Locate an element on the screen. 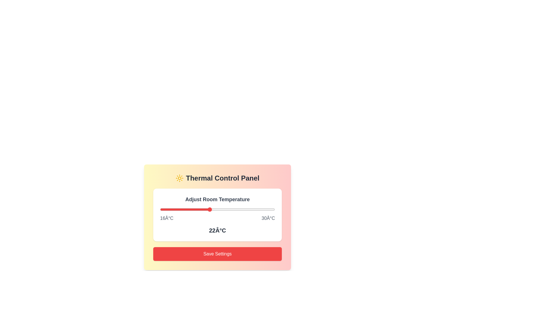  the temperature slider to 16°C is located at coordinates (160, 209).